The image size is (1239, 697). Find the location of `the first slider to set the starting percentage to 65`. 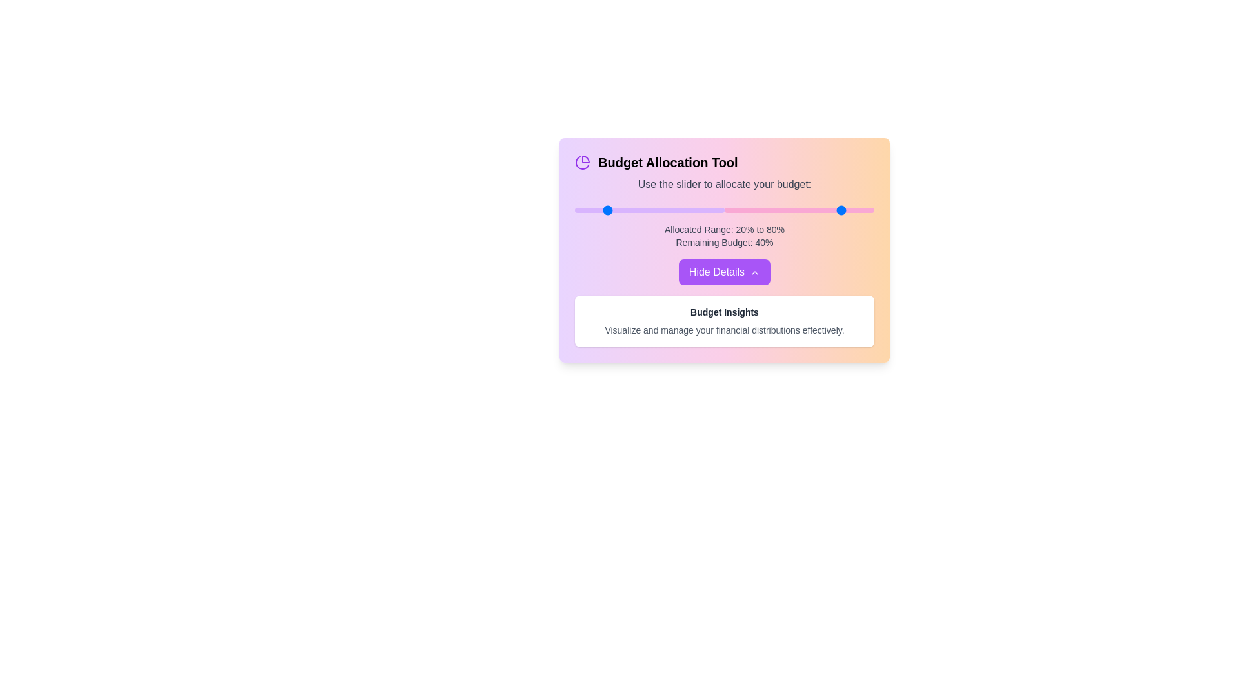

the first slider to set the starting percentage to 65 is located at coordinates (671, 210).